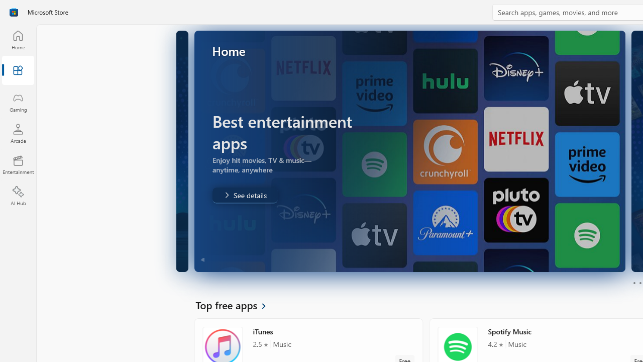 The image size is (643, 362). What do you see at coordinates (409, 151) in the screenshot?
I see `'AutomationID: Image'` at bounding box center [409, 151].